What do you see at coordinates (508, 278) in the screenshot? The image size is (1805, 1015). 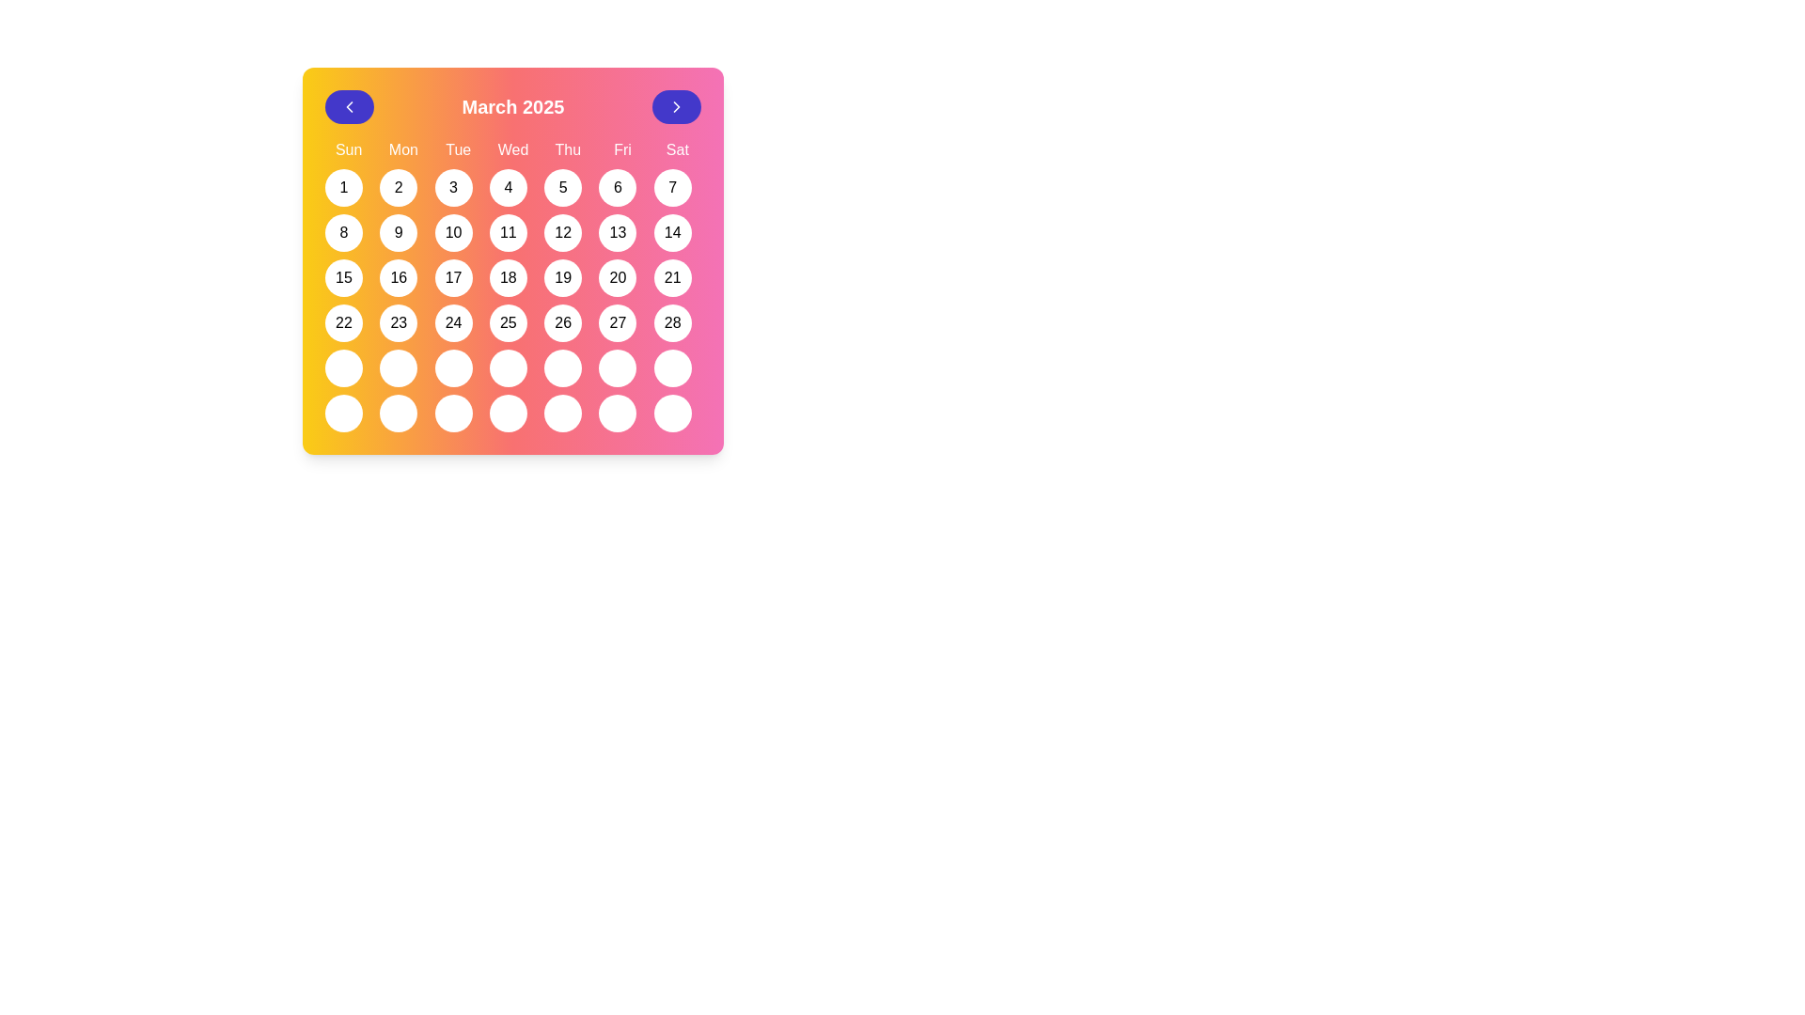 I see `the button representing the date '18' in the calendar grid located in the fourth cell of the row starting with '15' and '16'` at bounding box center [508, 278].